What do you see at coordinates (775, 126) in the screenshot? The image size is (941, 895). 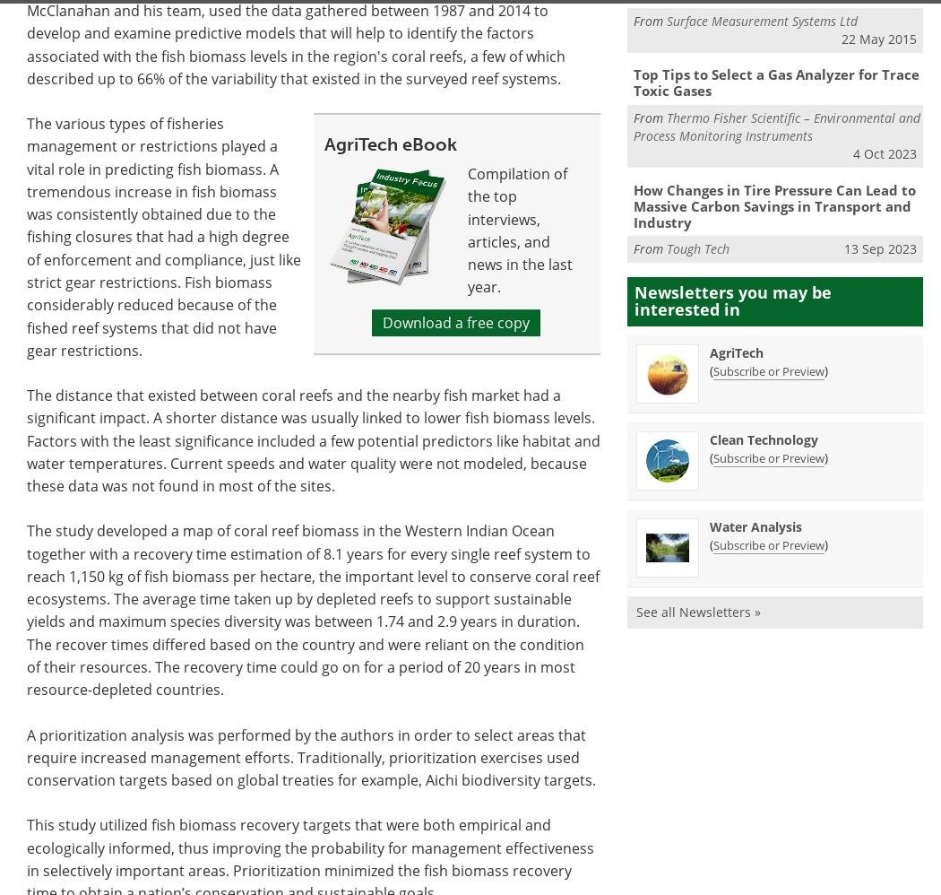 I see `'Thermo Fisher Scientific – Environmental and Process Monitoring Instruments'` at bounding box center [775, 126].